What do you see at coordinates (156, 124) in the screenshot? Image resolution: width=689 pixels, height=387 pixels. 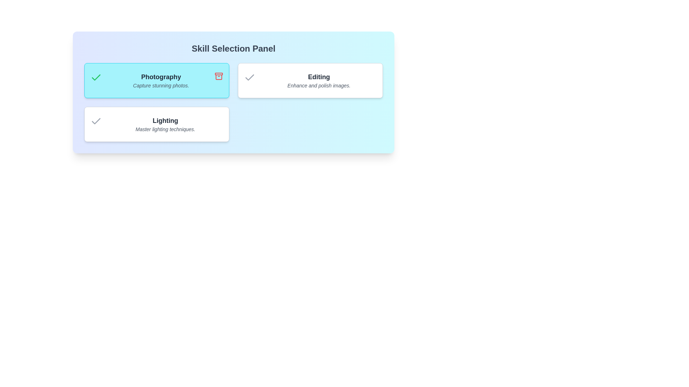 I see `the skill card for Lighting` at bounding box center [156, 124].